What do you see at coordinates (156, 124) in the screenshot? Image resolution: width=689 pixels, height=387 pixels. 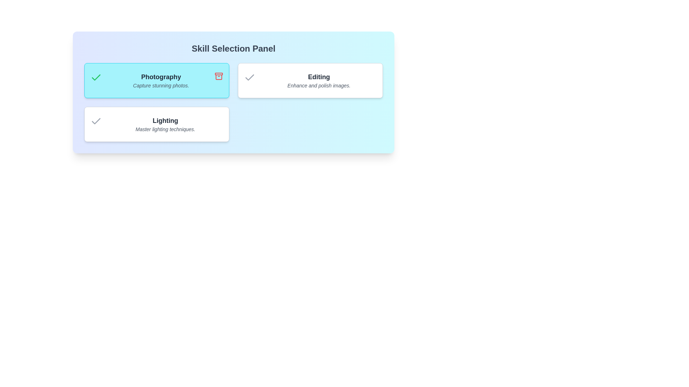 I see `the skill card for Lighting` at bounding box center [156, 124].